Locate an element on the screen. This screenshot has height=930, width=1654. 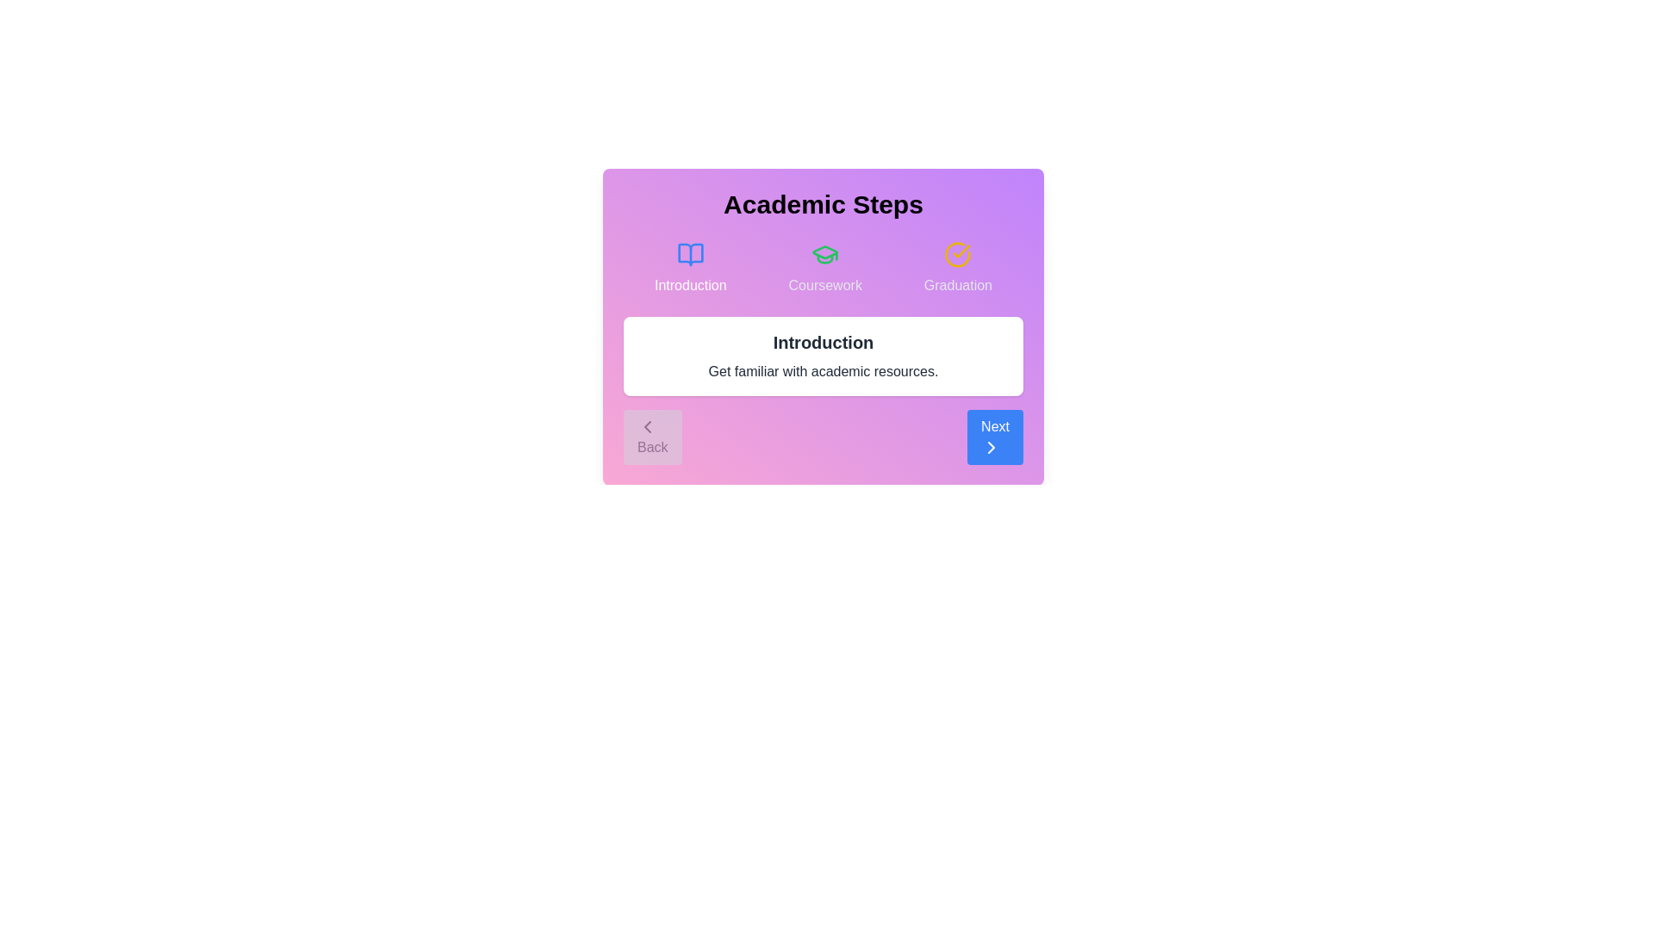
the 'Academic Steps' heading is located at coordinates (822, 204).